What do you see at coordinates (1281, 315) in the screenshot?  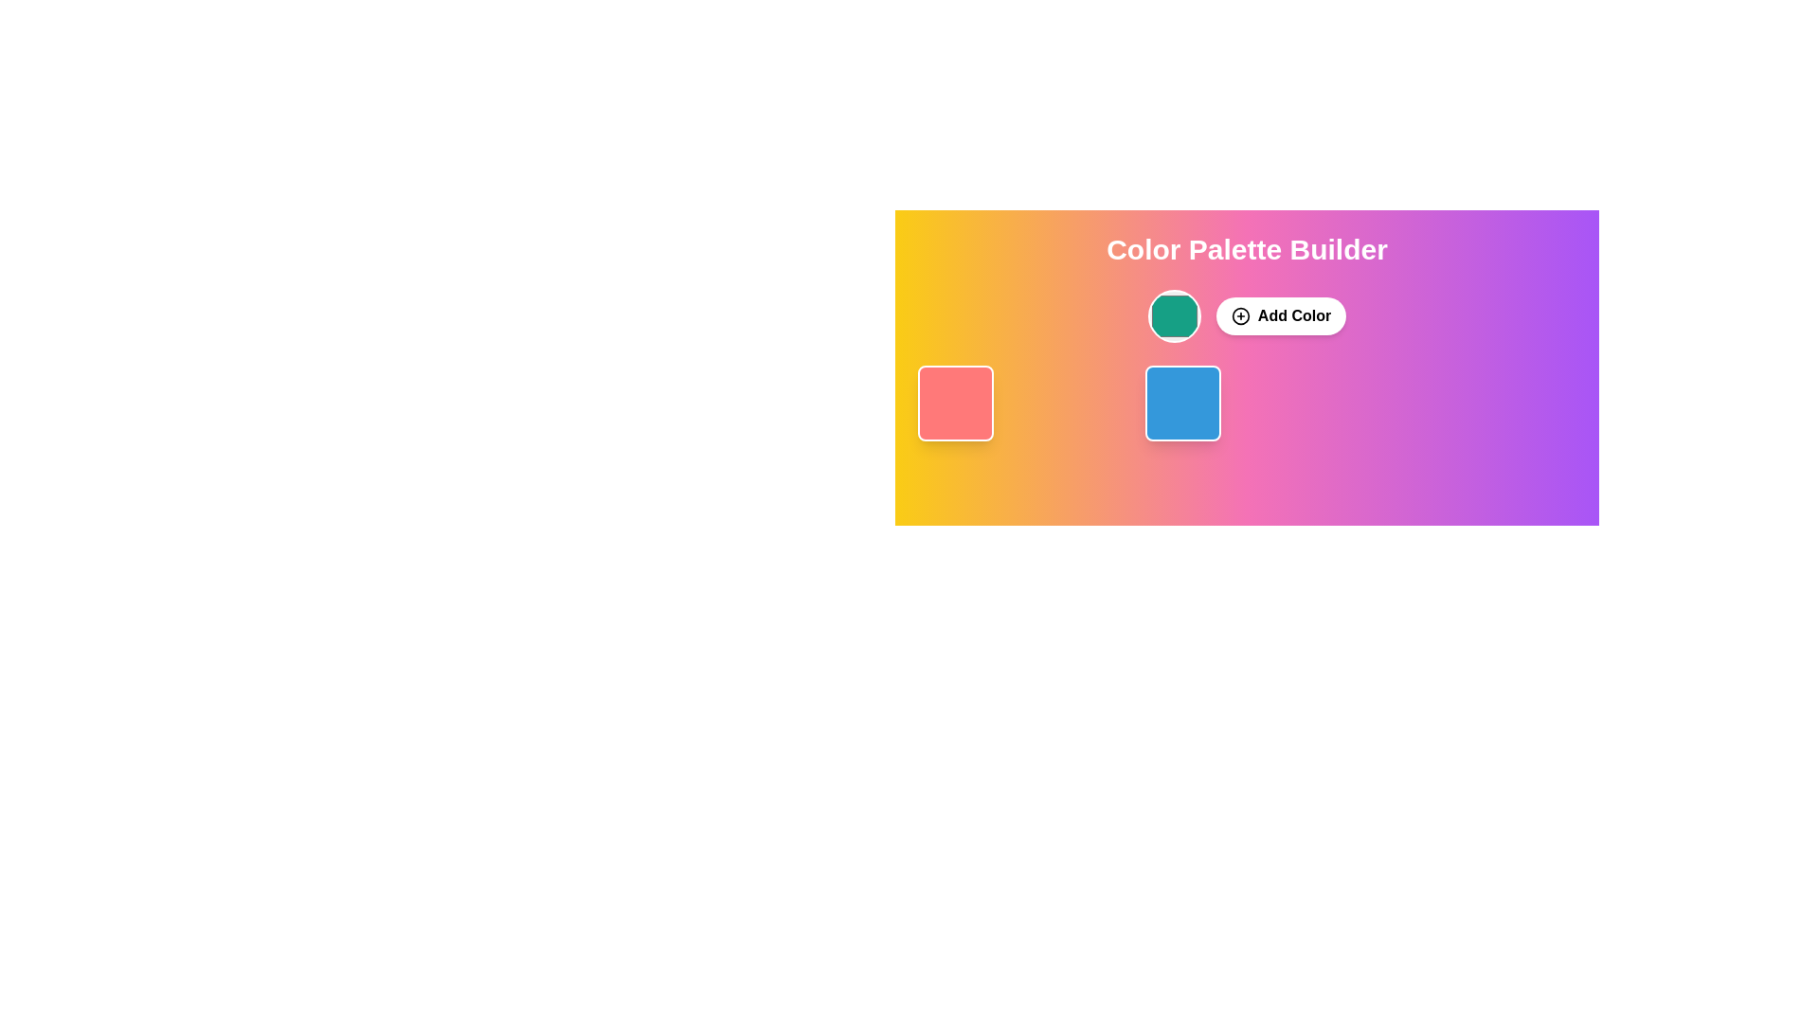 I see `the button` at bounding box center [1281, 315].